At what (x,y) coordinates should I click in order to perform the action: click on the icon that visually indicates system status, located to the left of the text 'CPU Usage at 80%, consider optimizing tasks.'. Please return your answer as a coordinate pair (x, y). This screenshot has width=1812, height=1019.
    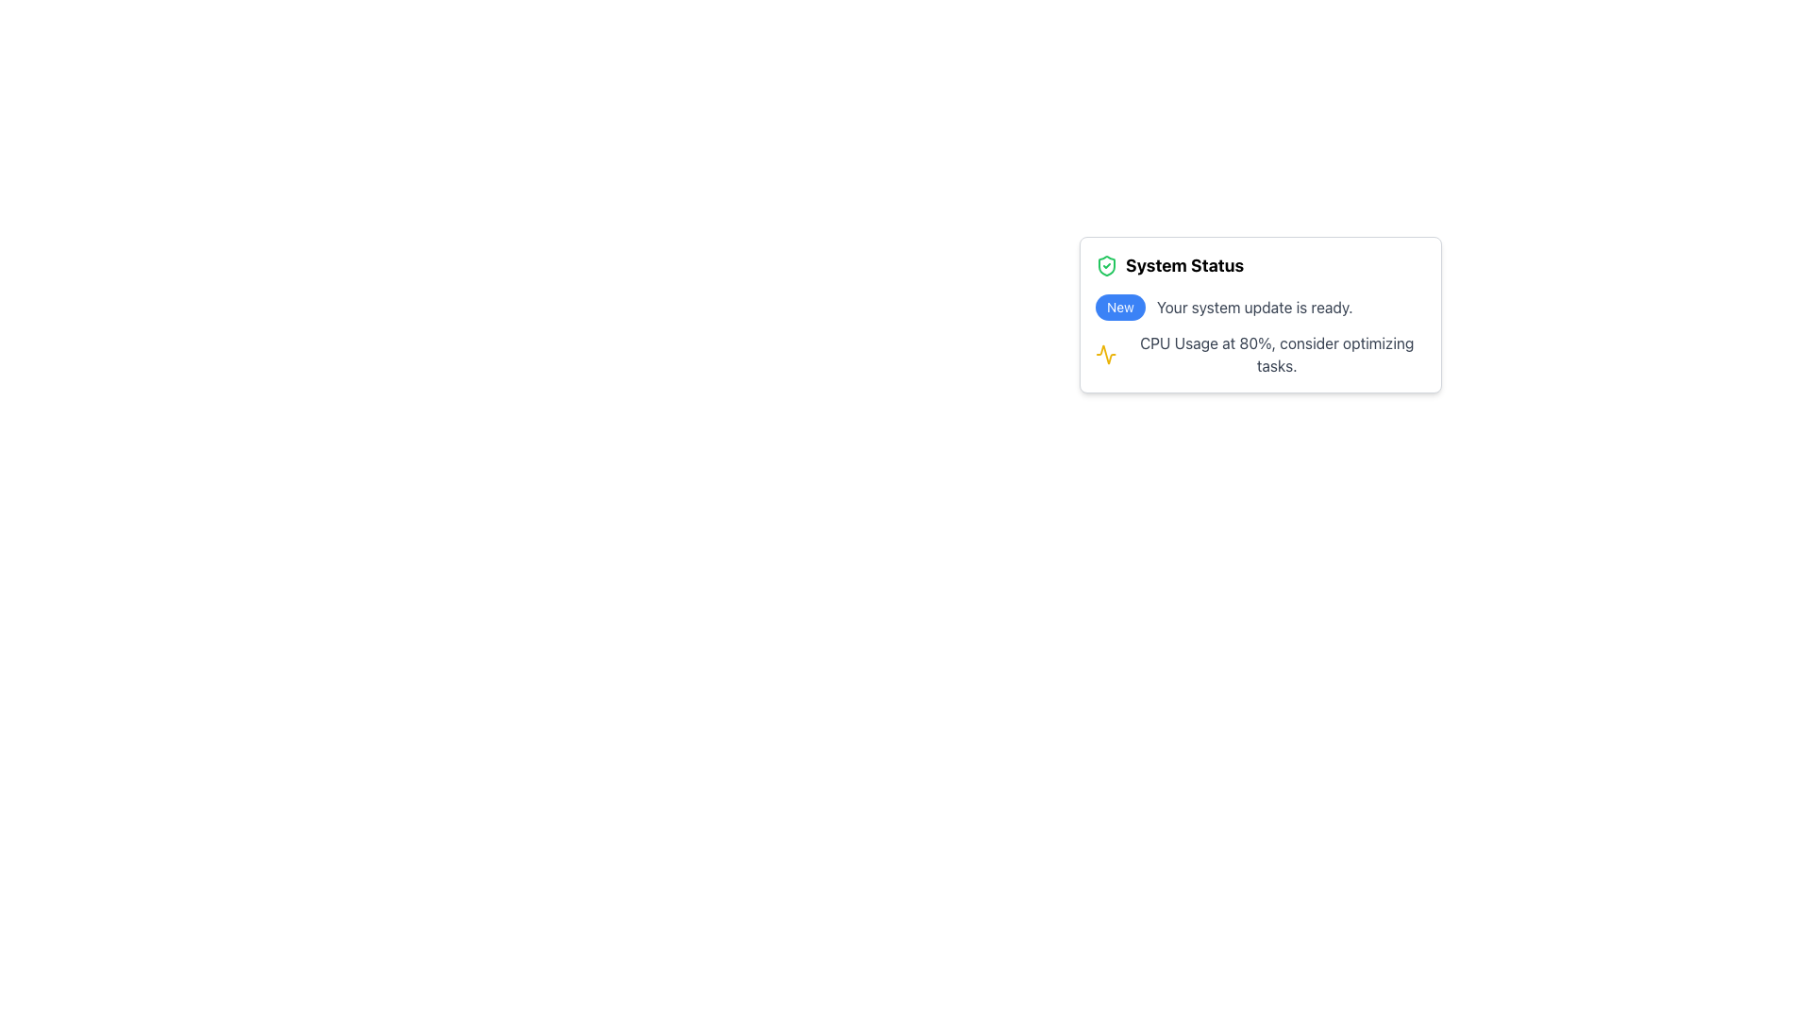
    Looking at the image, I should click on (1106, 354).